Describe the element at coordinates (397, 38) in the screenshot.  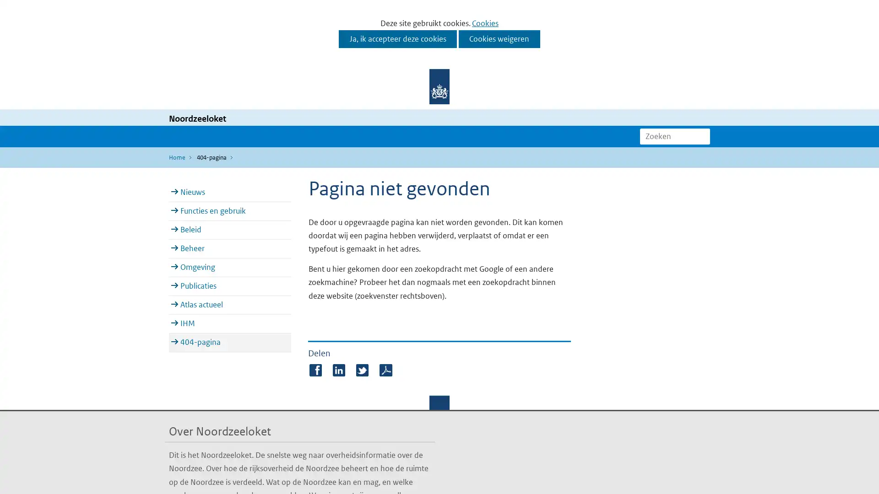
I see `Ja, ik accepteer deze cookies` at that location.